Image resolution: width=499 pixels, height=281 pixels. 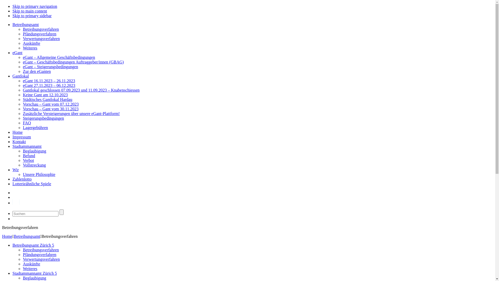 What do you see at coordinates (27, 123) in the screenshot?
I see `'FAQ'` at bounding box center [27, 123].